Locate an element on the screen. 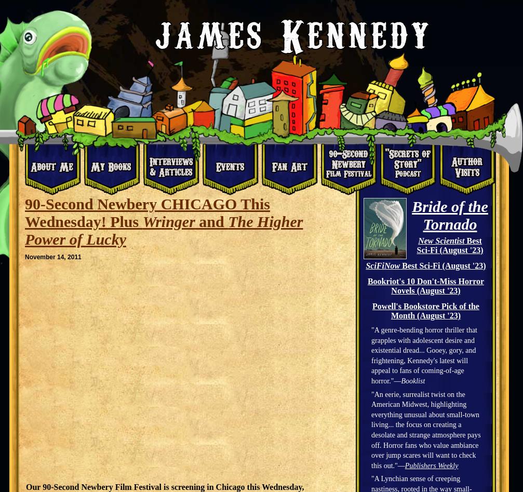 This screenshot has width=523, height=492. 'November 14, 2011' is located at coordinates (53, 256).